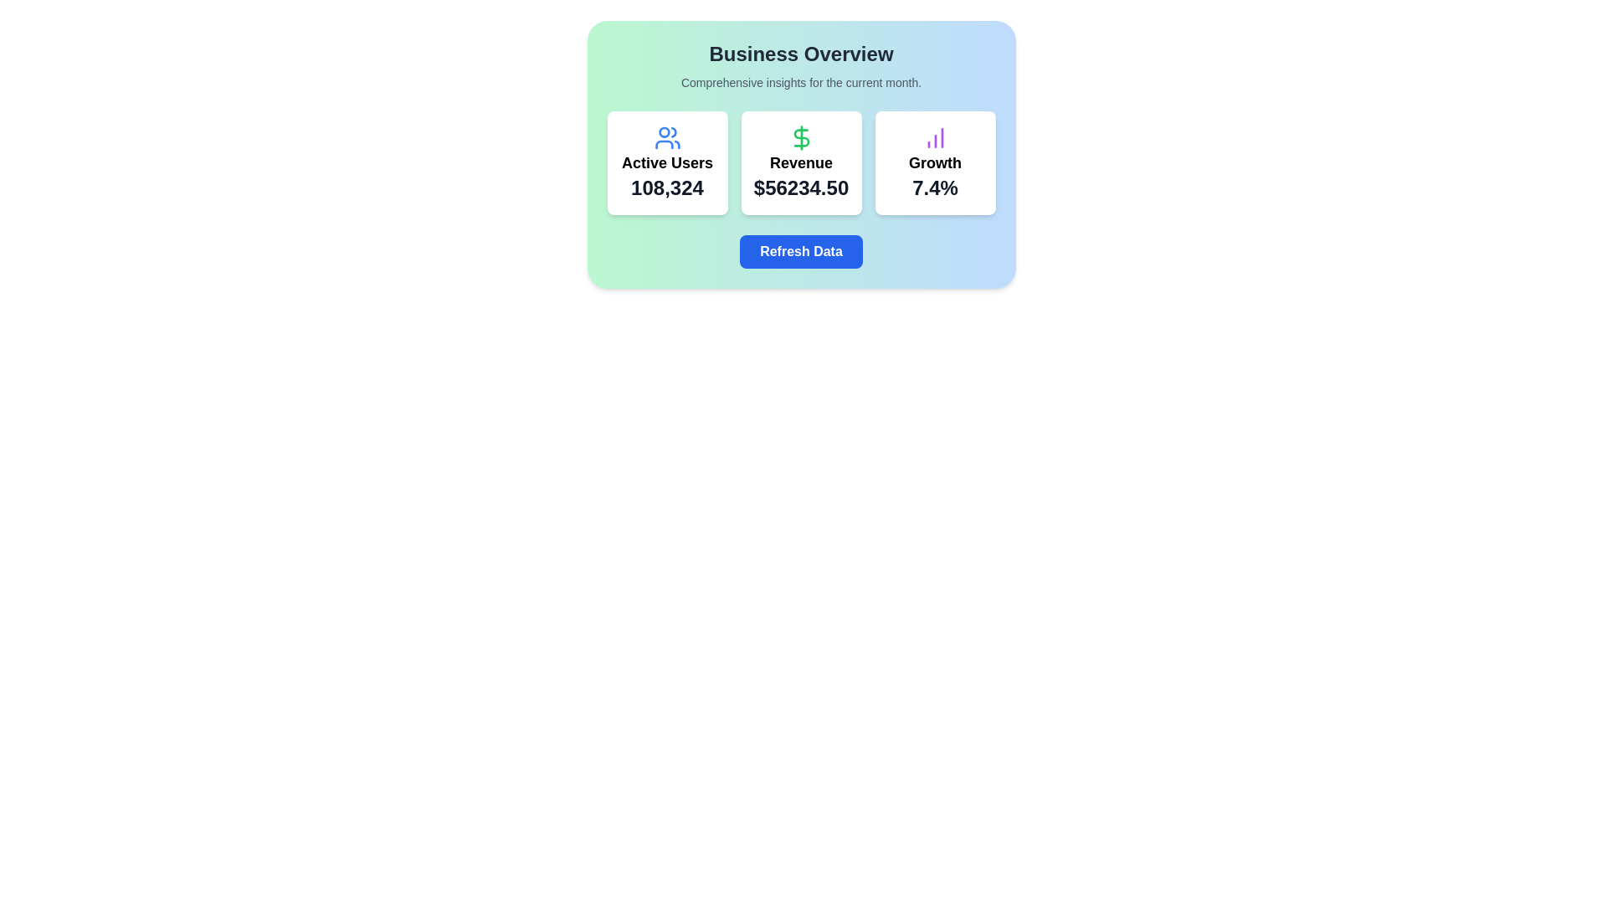  I want to click on the active users icon located in the first section of the horizontally arranged card group under the 'Business Overview' section, positioned above the 'Active Users' text and numerical values, so click(666, 137).